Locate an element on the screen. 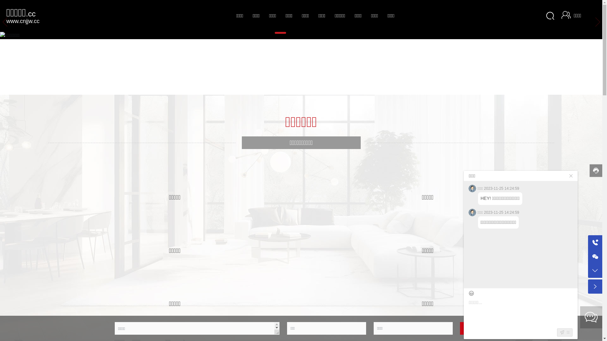  'www.cnjjw.cc' is located at coordinates (23, 20).